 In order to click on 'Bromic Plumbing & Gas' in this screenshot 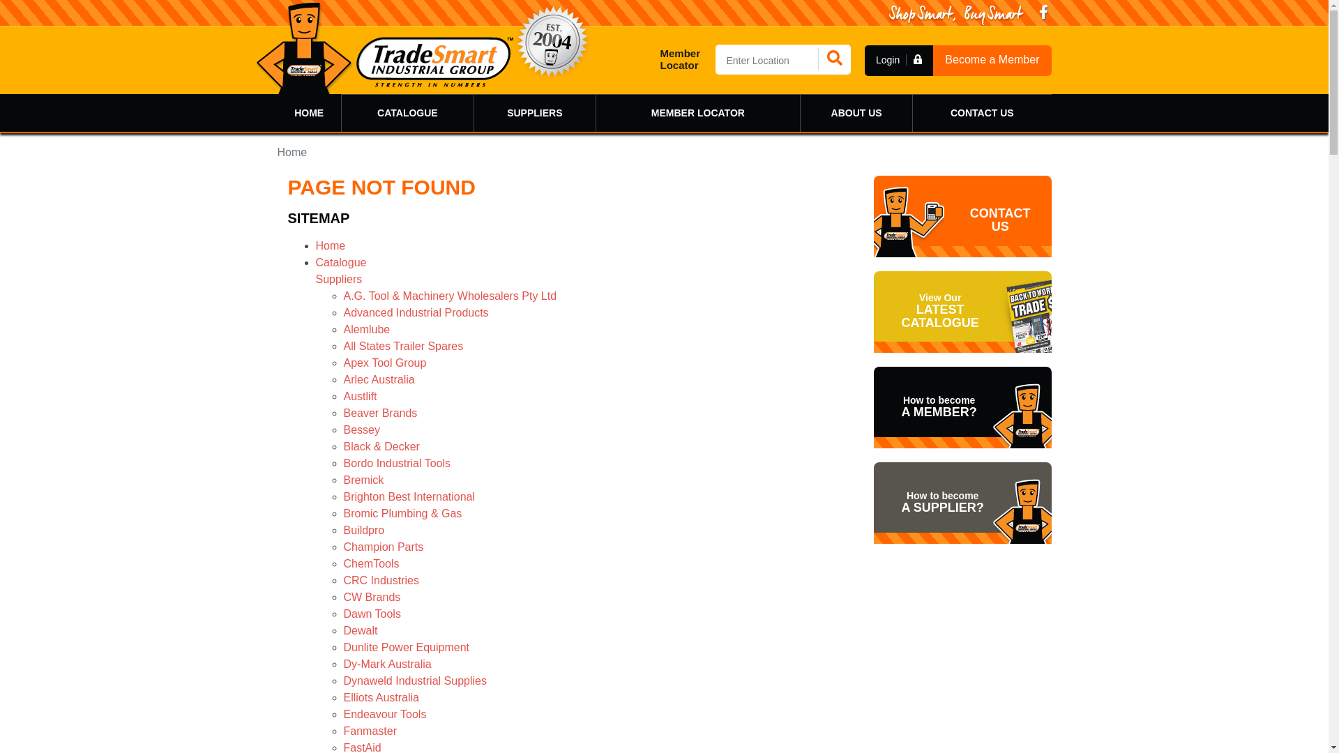, I will do `click(401, 513)`.